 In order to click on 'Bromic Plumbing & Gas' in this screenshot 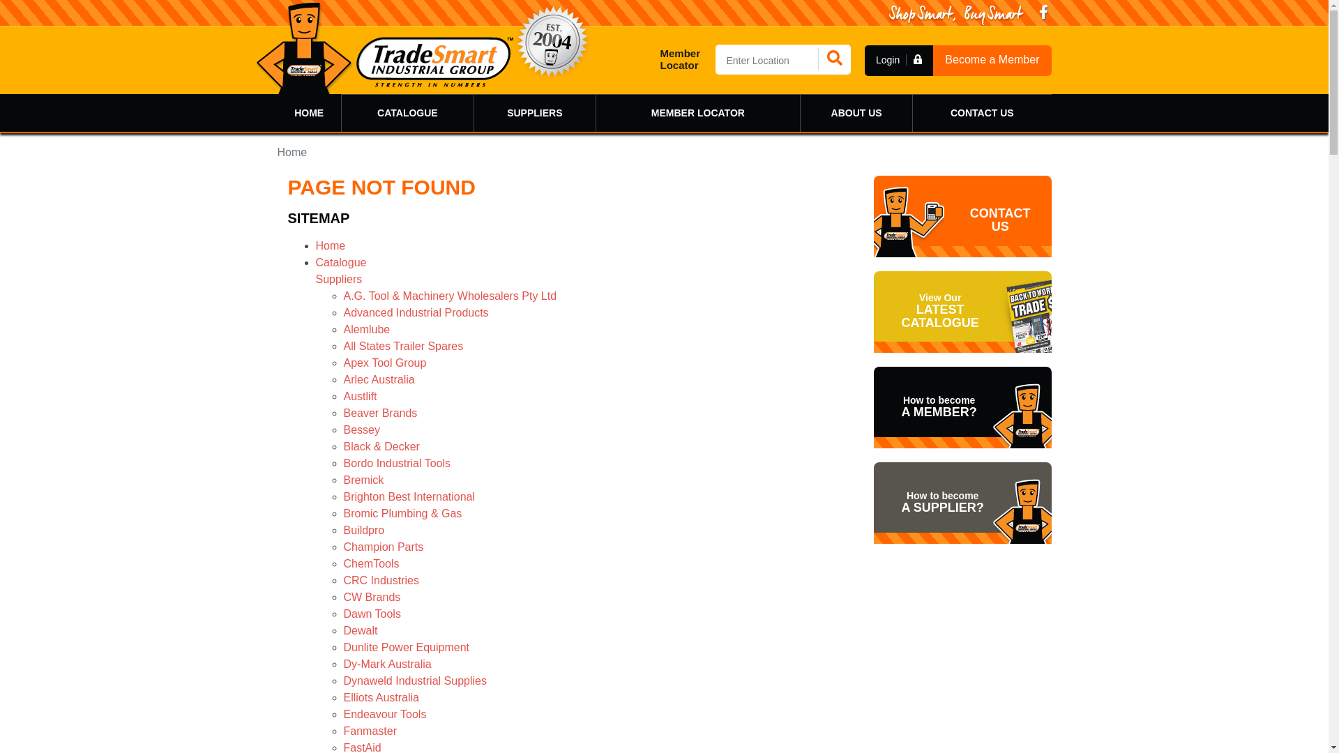, I will do `click(401, 513)`.